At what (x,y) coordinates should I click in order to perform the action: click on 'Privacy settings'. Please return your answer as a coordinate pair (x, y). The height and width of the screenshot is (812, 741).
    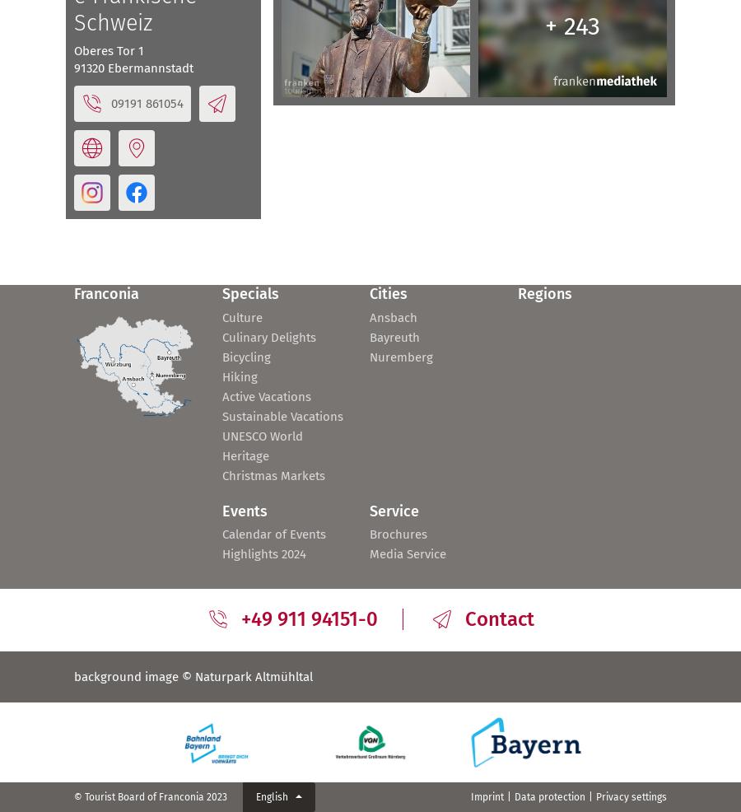
    Looking at the image, I should click on (630, 796).